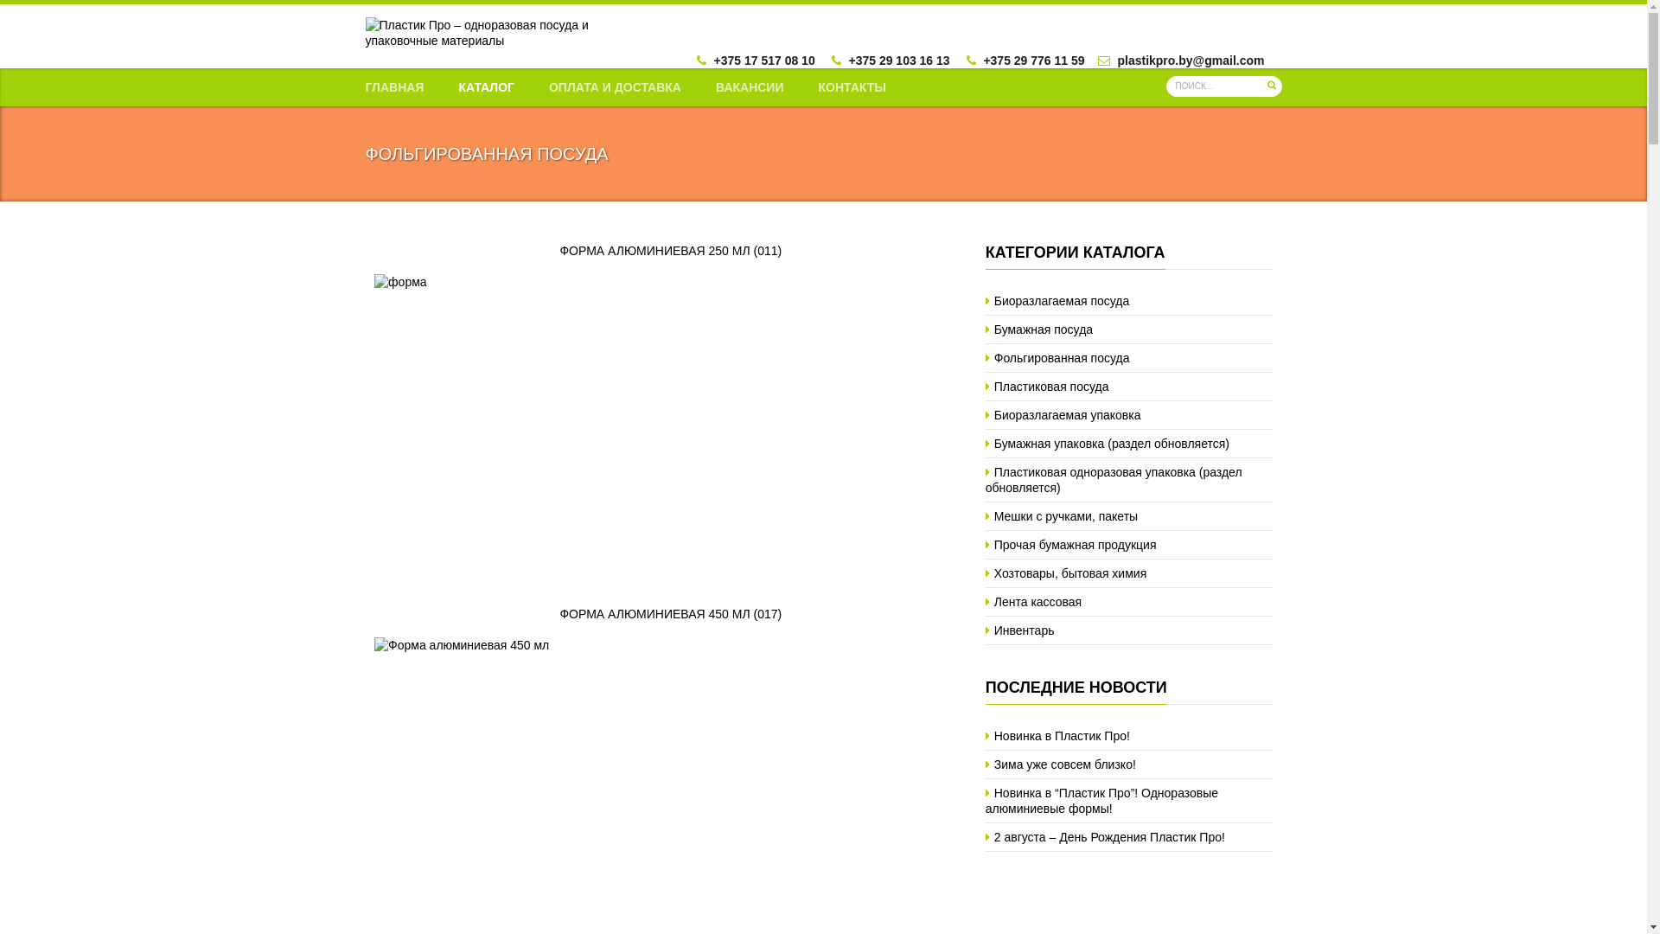 This screenshot has width=1660, height=934. What do you see at coordinates (1033, 59) in the screenshot?
I see `'+375 29 776 11 59'` at bounding box center [1033, 59].